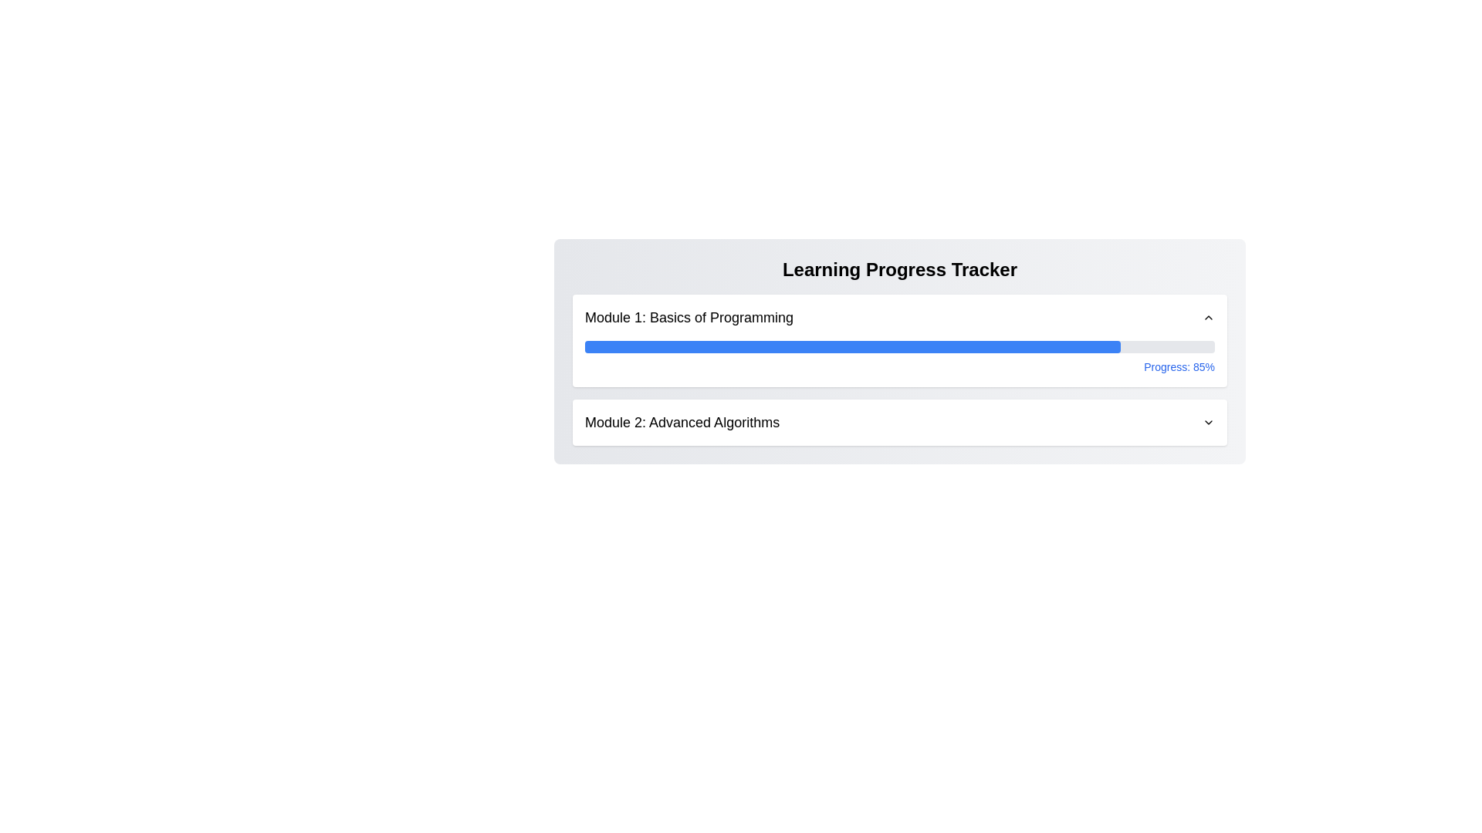 This screenshot has height=833, width=1482. What do you see at coordinates (1207, 317) in the screenshot?
I see `the Icon Button (Chevron Up) located at the extreme right of the row containing the text 'Module 1: Basics of Programming'` at bounding box center [1207, 317].